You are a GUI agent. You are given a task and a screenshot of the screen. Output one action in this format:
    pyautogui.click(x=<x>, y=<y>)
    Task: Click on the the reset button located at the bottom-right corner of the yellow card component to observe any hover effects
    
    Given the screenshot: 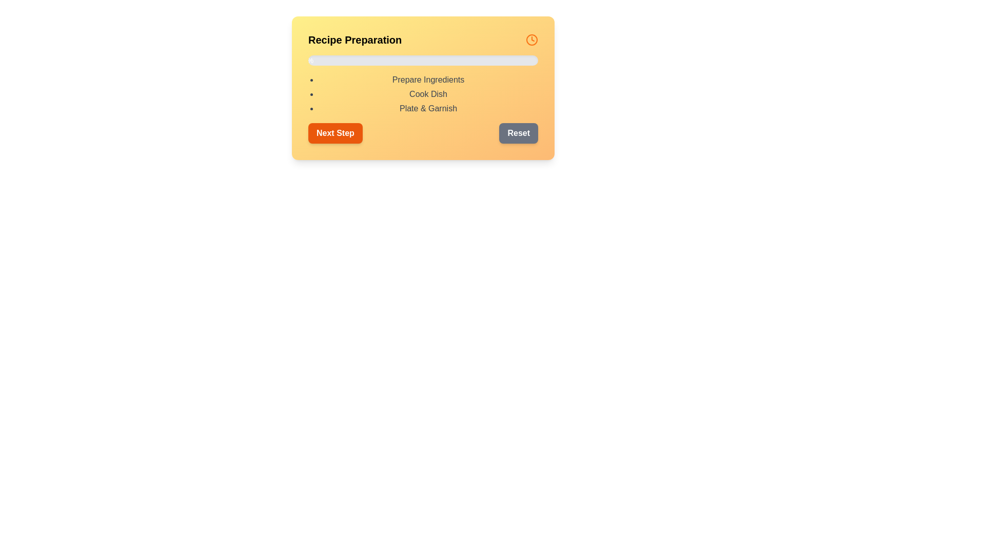 What is the action you would take?
    pyautogui.click(x=519, y=132)
    